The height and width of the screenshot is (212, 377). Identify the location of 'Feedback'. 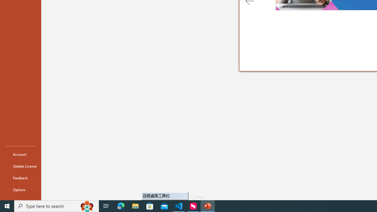
(20, 178).